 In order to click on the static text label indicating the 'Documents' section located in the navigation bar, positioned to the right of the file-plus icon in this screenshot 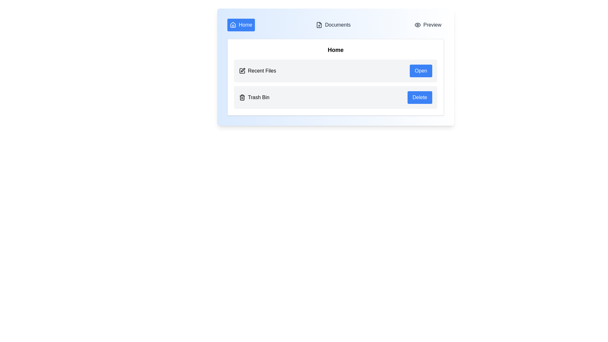, I will do `click(337, 24)`.